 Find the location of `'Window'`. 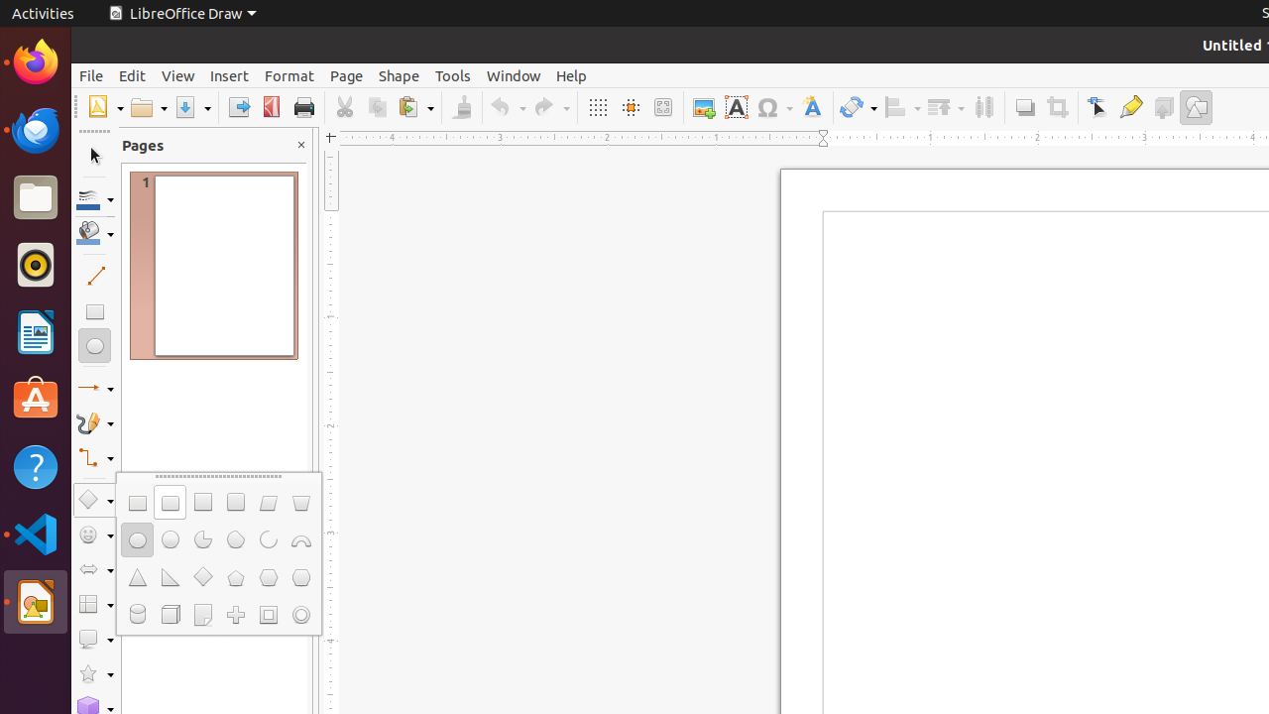

'Window' is located at coordinates (514, 74).